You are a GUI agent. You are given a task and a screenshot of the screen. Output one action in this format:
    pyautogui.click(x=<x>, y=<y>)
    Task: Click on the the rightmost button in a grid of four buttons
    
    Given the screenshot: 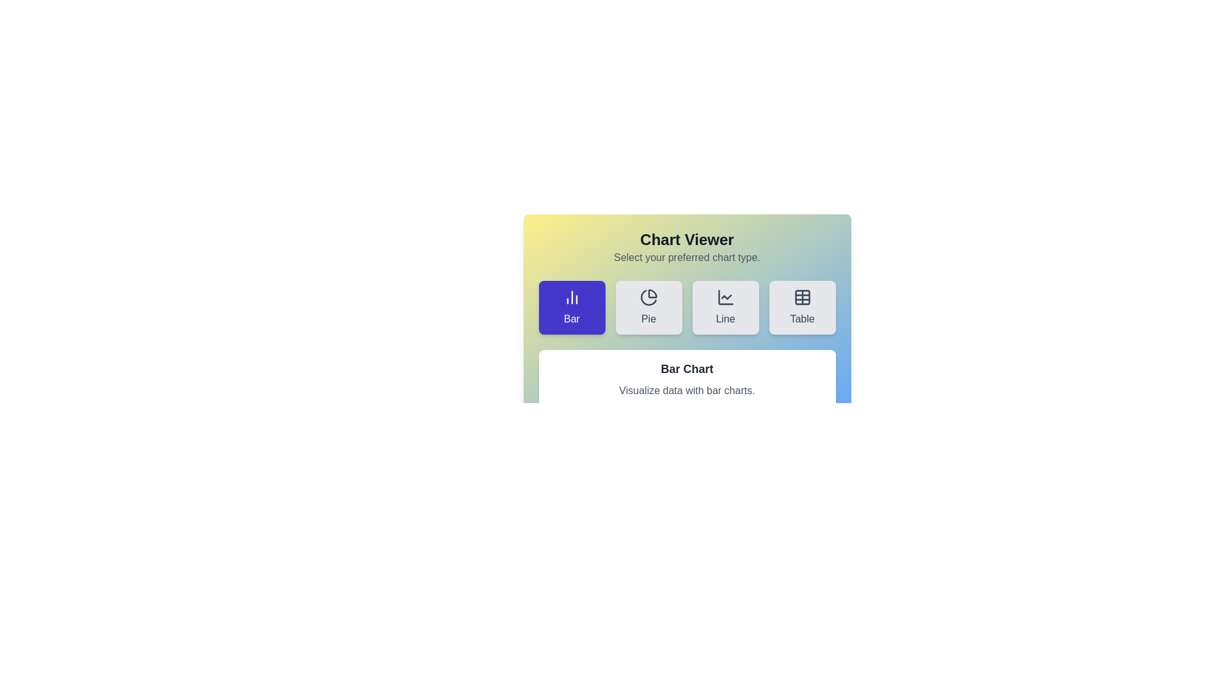 What is the action you would take?
    pyautogui.click(x=801, y=308)
    